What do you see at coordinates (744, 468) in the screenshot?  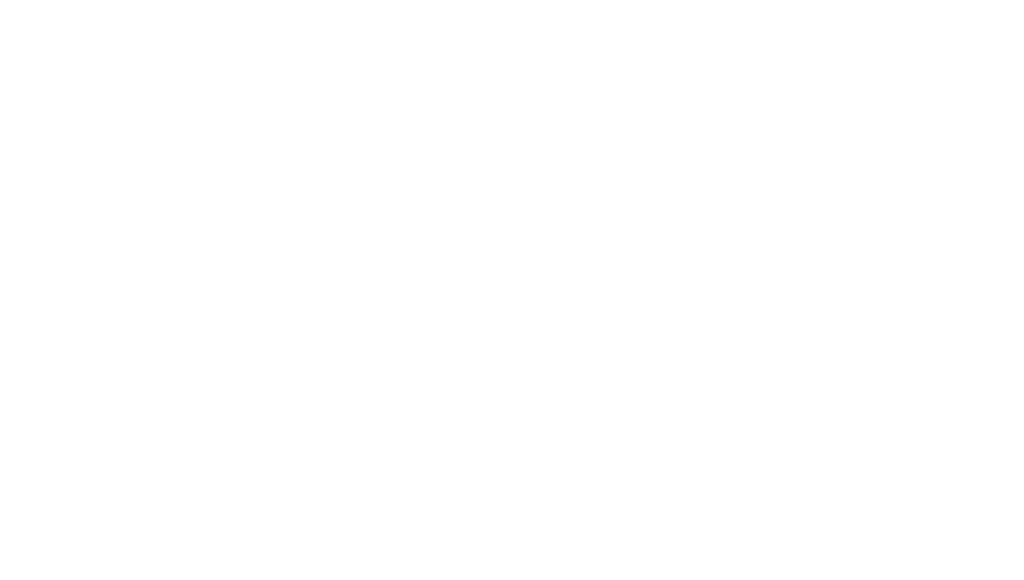 I see `'RSS'` at bounding box center [744, 468].